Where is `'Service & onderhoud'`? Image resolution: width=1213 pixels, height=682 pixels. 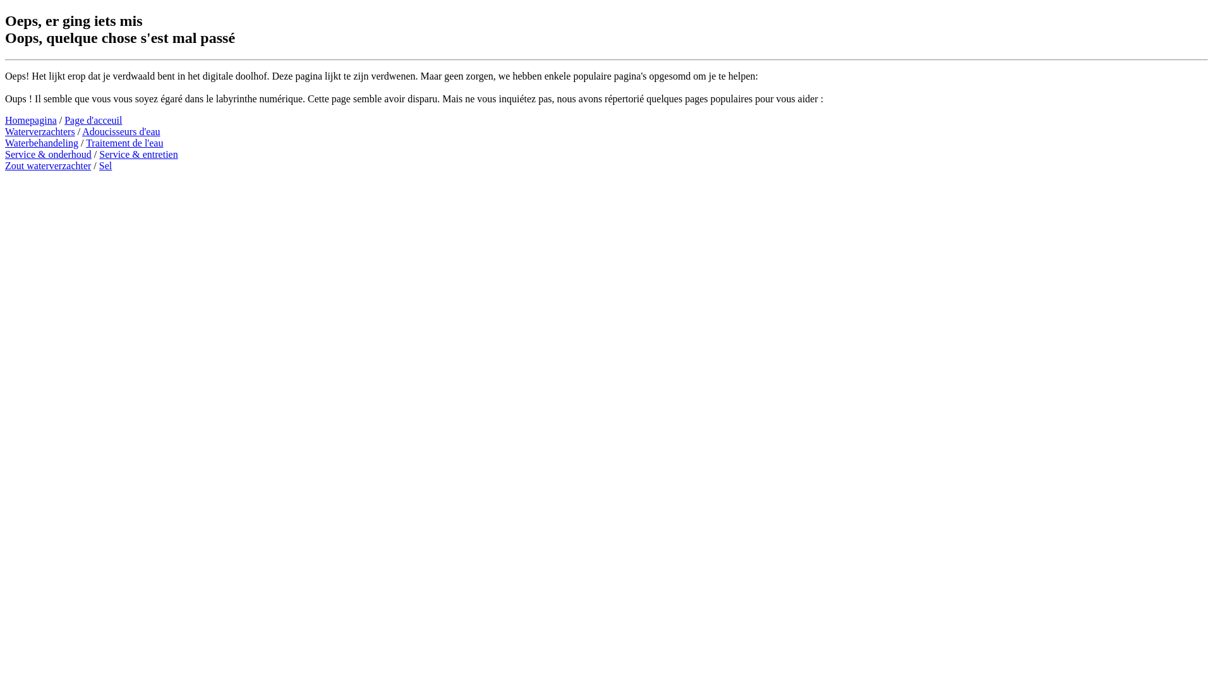
'Service & onderhoud' is located at coordinates (48, 153).